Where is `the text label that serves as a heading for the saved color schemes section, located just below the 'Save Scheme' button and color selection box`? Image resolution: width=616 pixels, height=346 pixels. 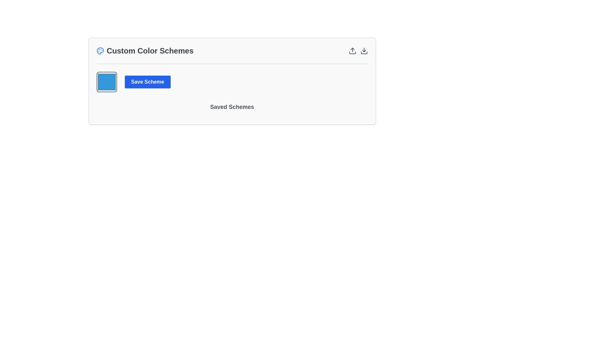 the text label that serves as a heading for the saved color schemes section, located just below the 'Save Scheme' button and color selection box is located at coordinates (232, 109).